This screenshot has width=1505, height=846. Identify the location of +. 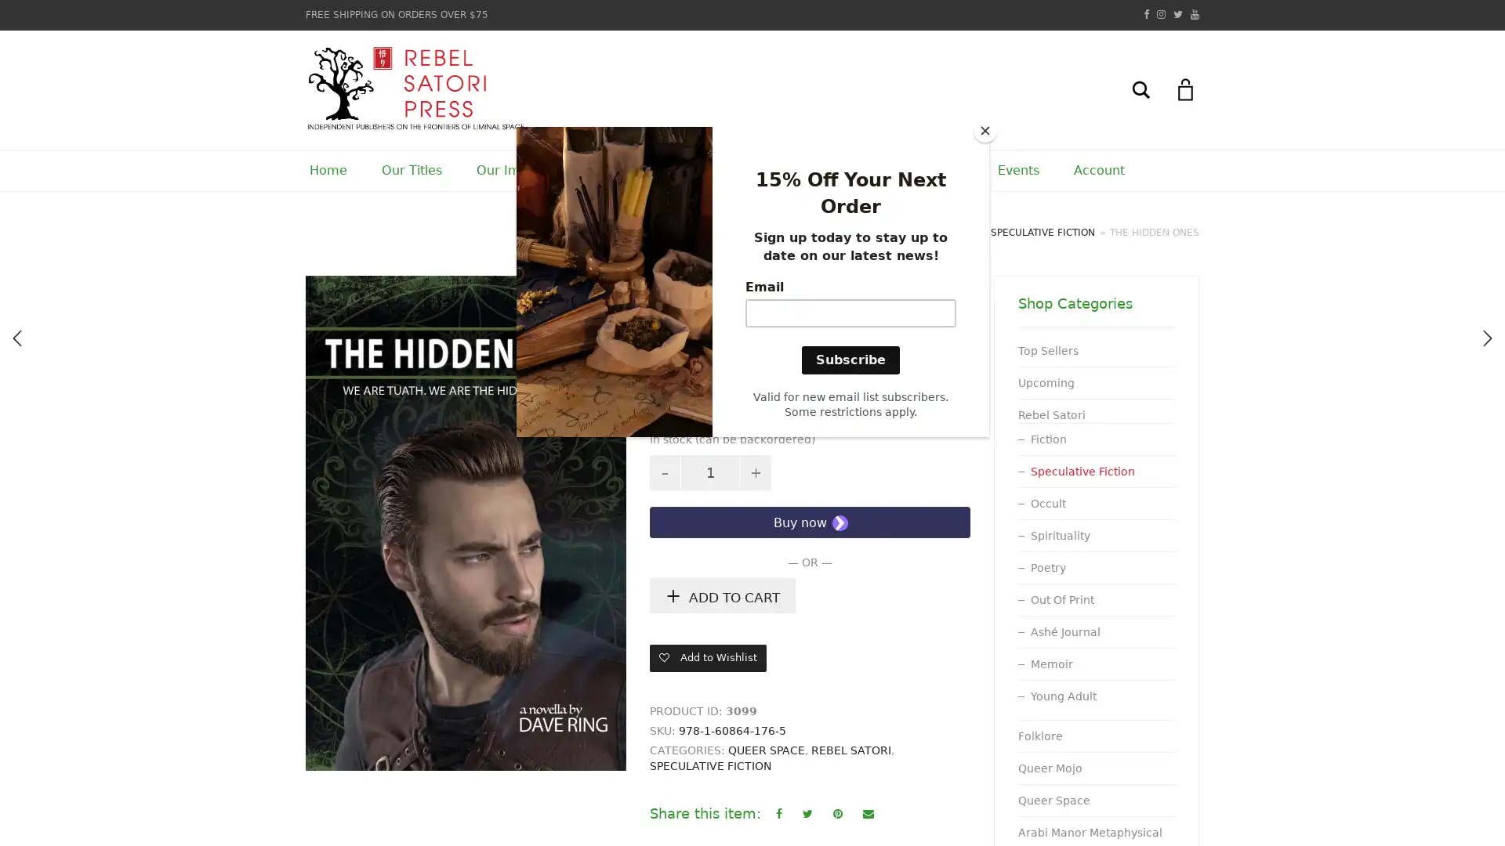
(326, 296).